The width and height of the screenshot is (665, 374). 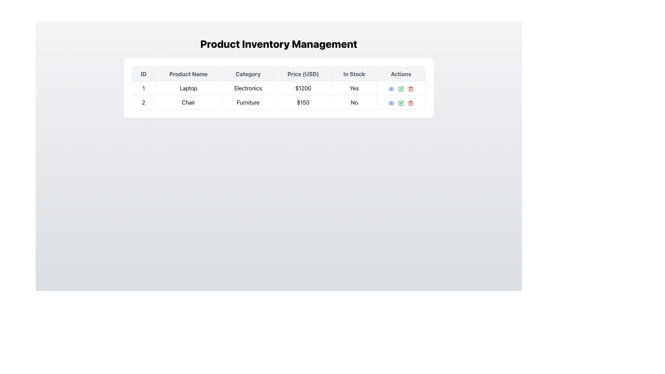 What do you see at coordinates (354, 74) in the screenshot?
I see `the Table Header Cell labeled 'In Stock', which is the fifth column in the header row of the table, positioned between 'Price (USD)' and 'Actions'` at bounding box center [354, 74].